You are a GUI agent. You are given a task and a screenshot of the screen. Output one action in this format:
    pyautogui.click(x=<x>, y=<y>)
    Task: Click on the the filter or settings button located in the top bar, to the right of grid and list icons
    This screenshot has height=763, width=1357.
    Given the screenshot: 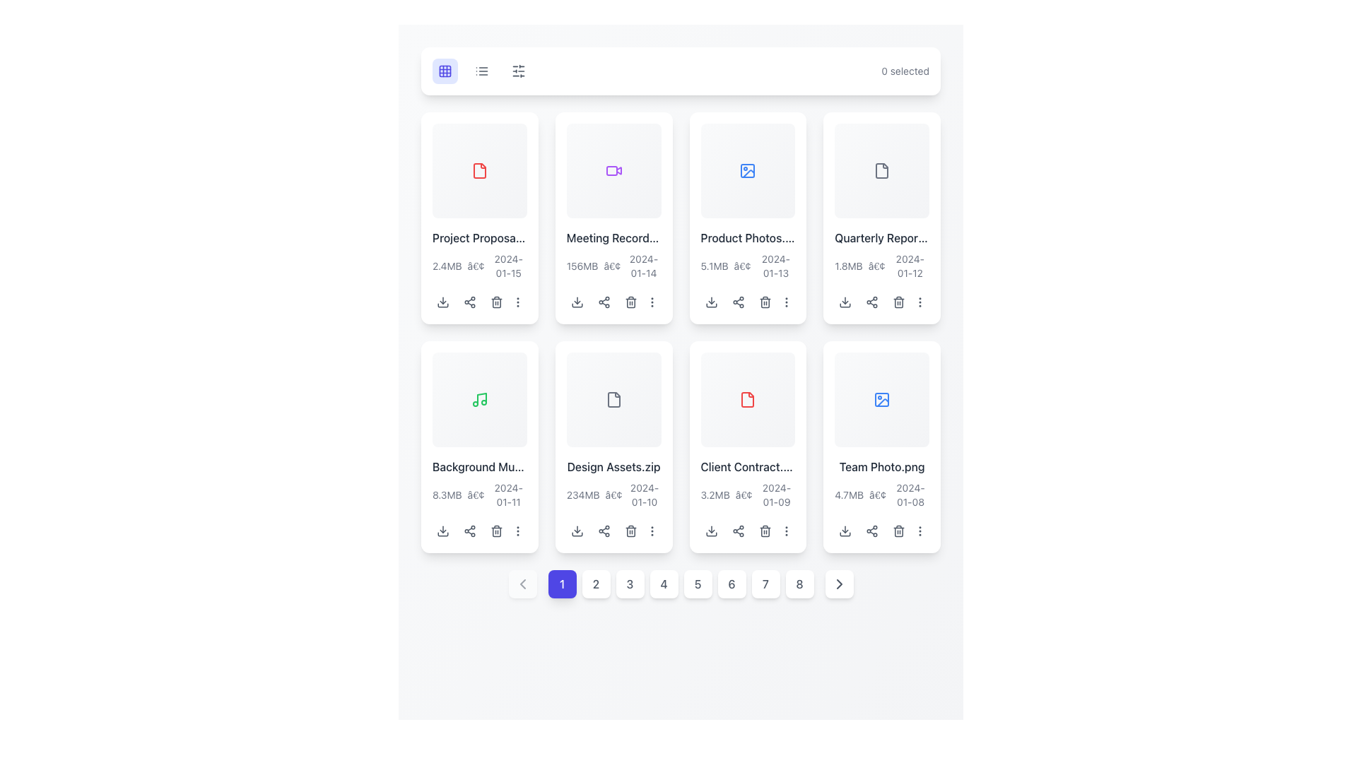 What is the action you would take?
    pyautogui.click(x=518, y=71)
    